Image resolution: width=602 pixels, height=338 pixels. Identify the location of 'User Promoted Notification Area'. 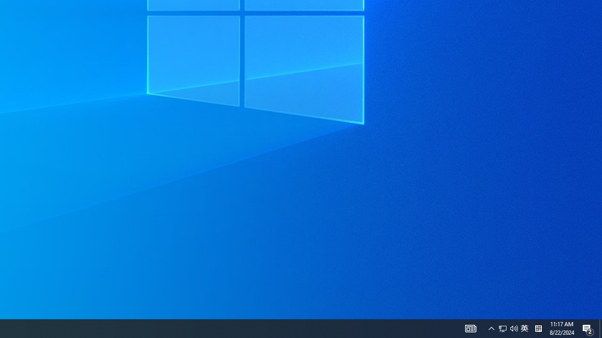
(491, 328).